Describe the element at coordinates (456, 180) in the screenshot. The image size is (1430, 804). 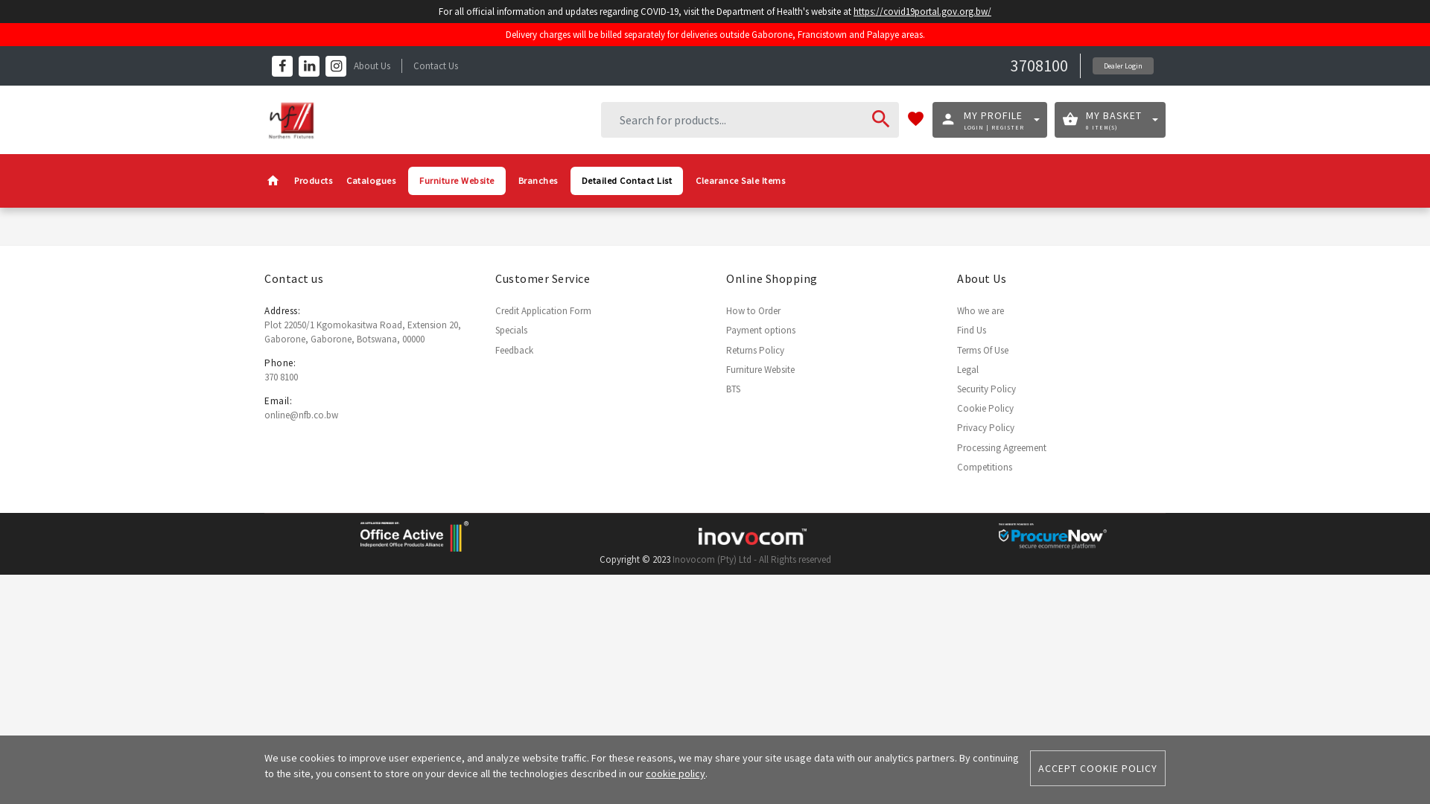
I see `'Furniture Website'` at that location.